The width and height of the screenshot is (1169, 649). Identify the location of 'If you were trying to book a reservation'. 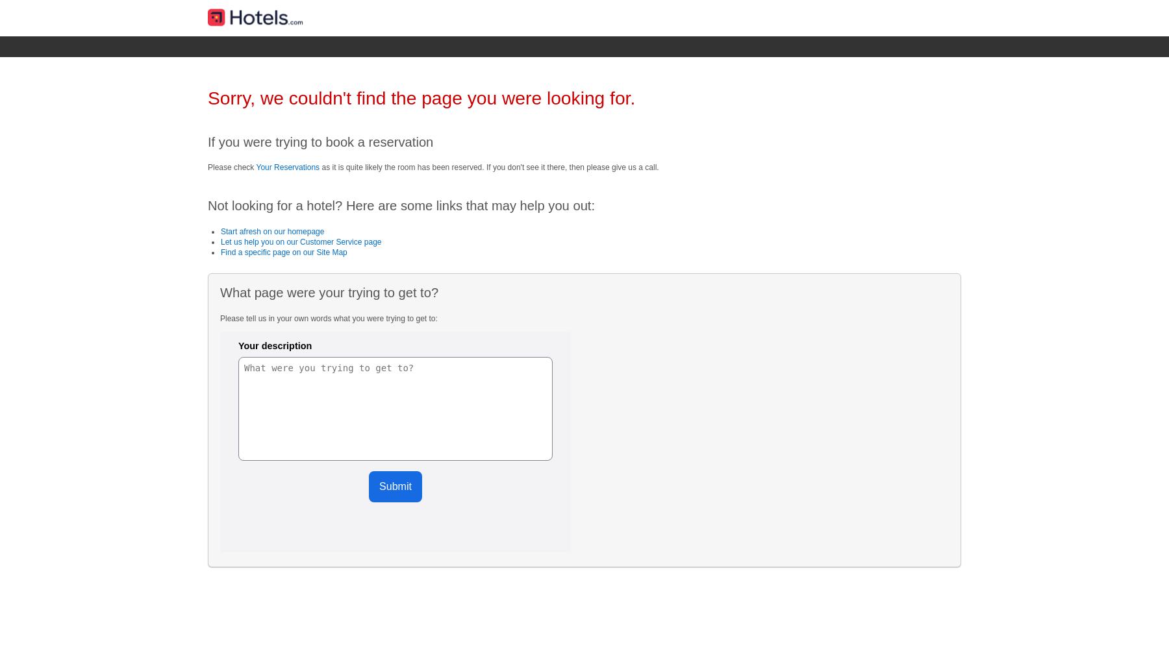
(320, 141).